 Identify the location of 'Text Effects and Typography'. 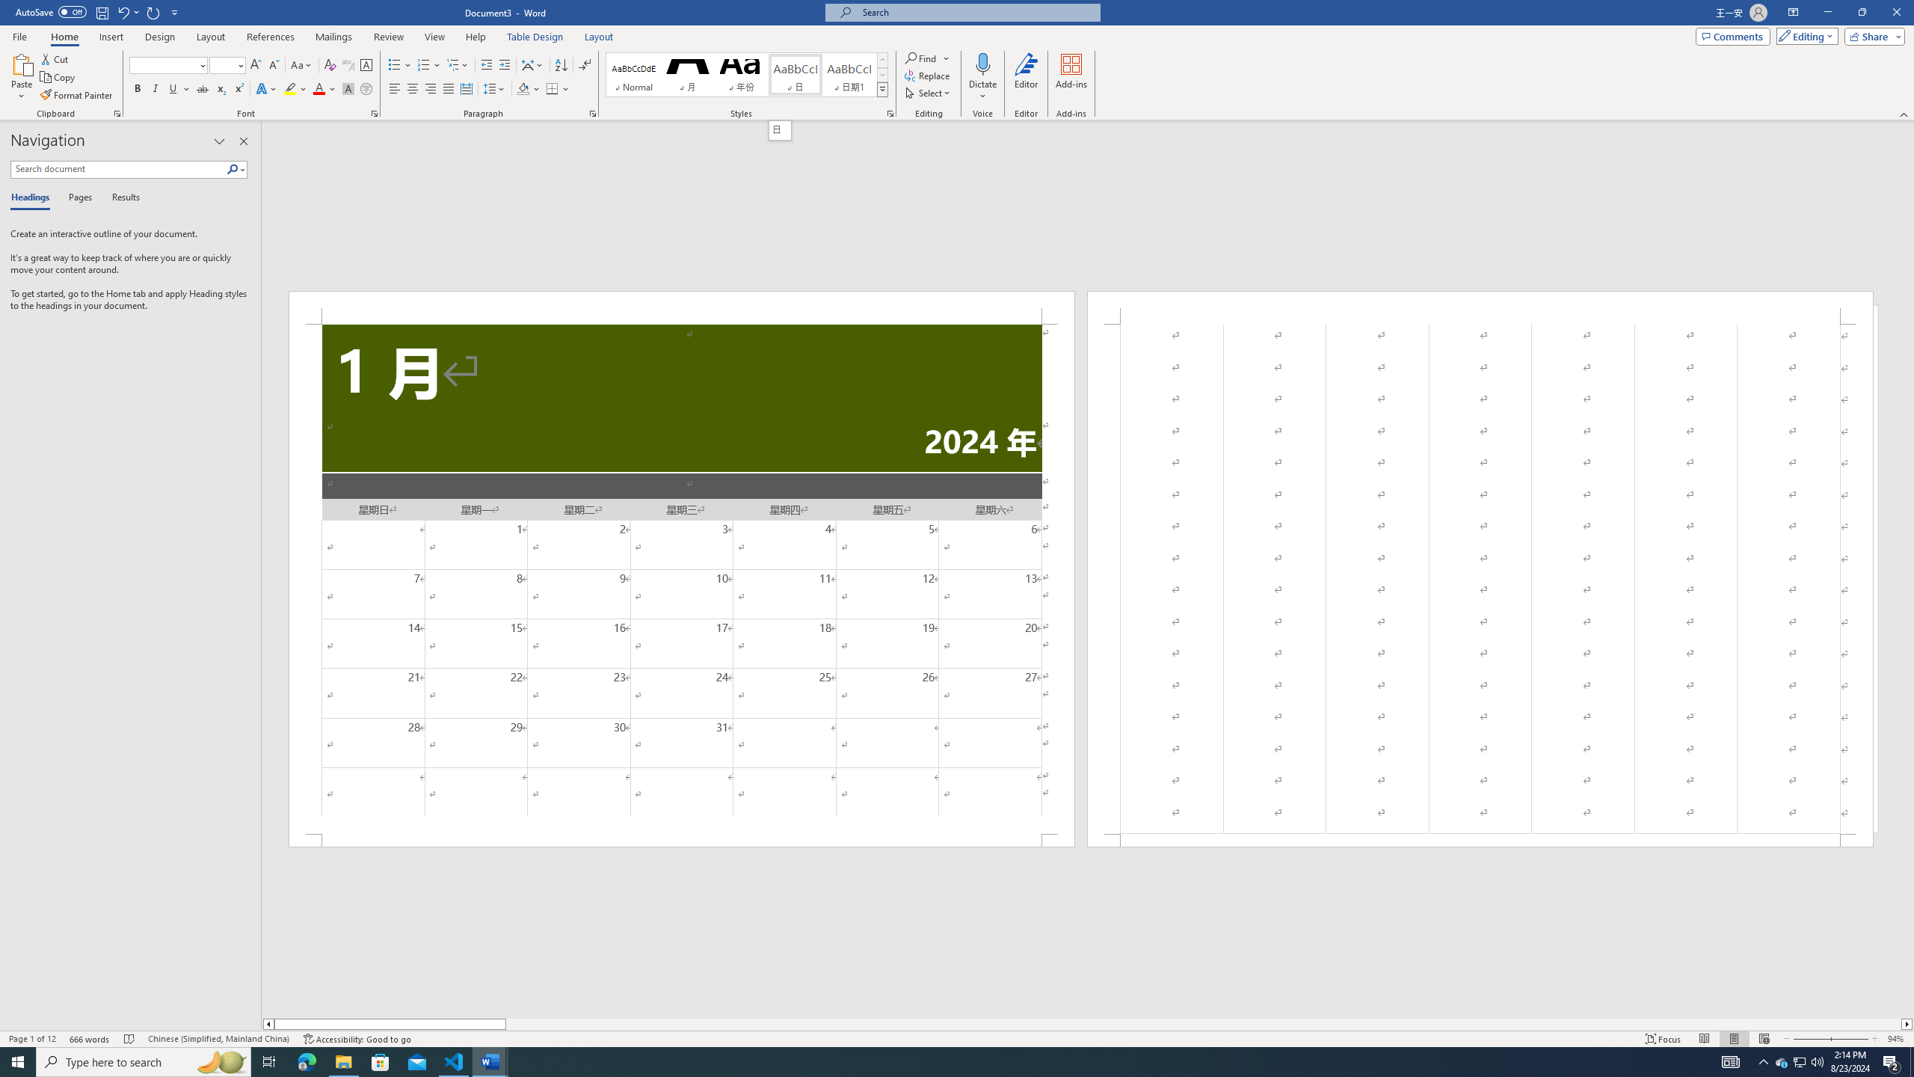
(265, 88).